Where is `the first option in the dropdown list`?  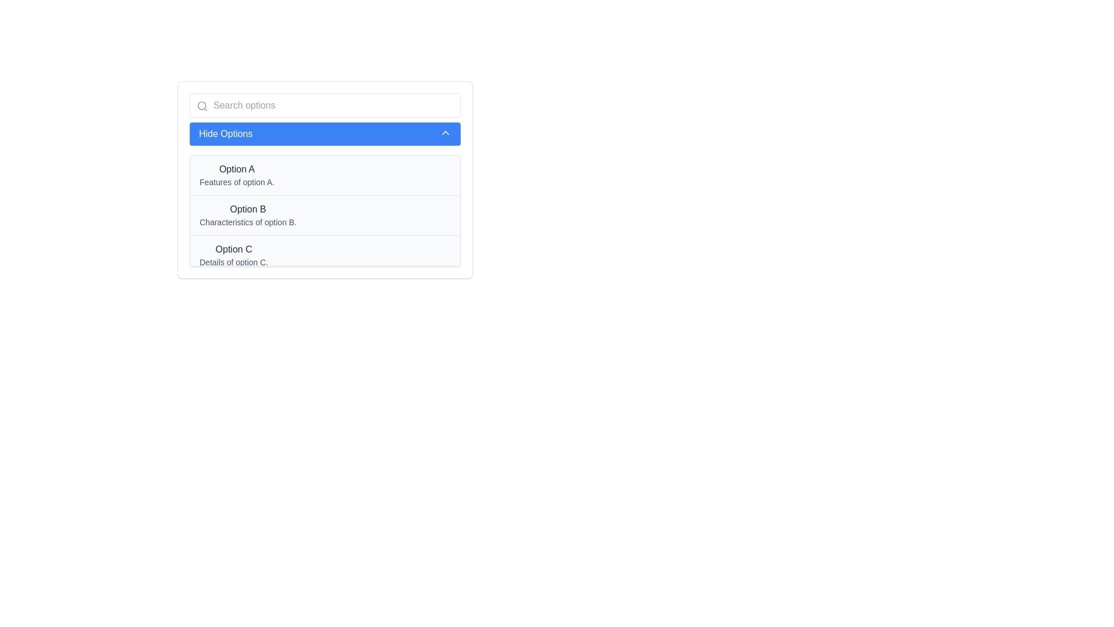
the first option in the dropdown list is located at coordinates (325, 175).